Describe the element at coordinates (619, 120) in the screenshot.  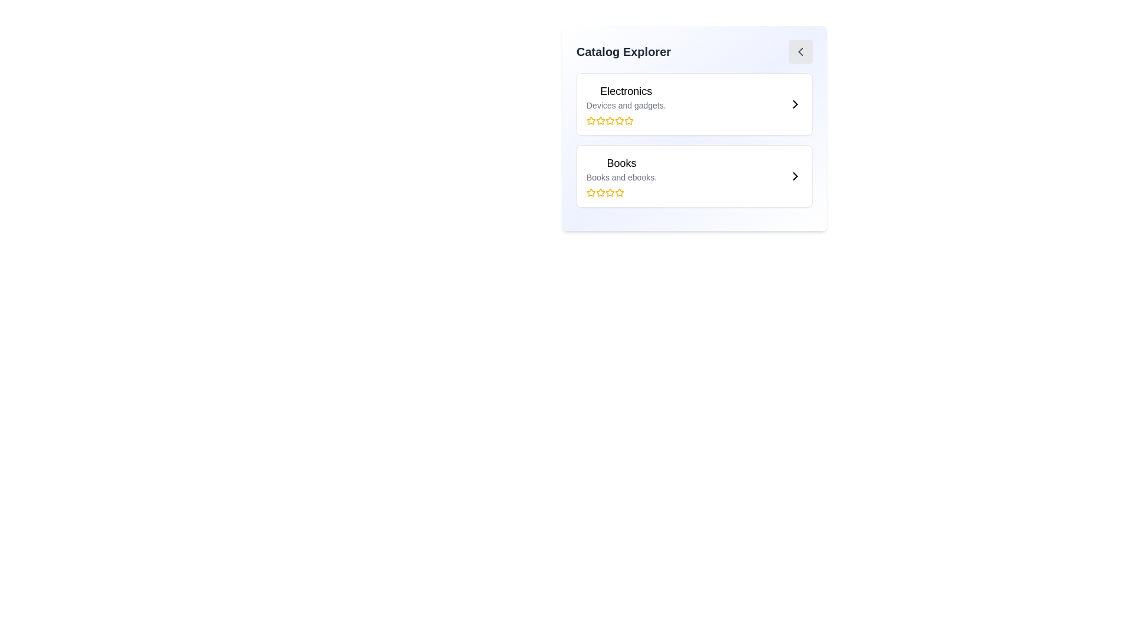
I see `the sixth star-shaped icon with a yellow outline in the rating component below the 'Electronics' section header in the 'Catalog Explorer' panel` at that location.